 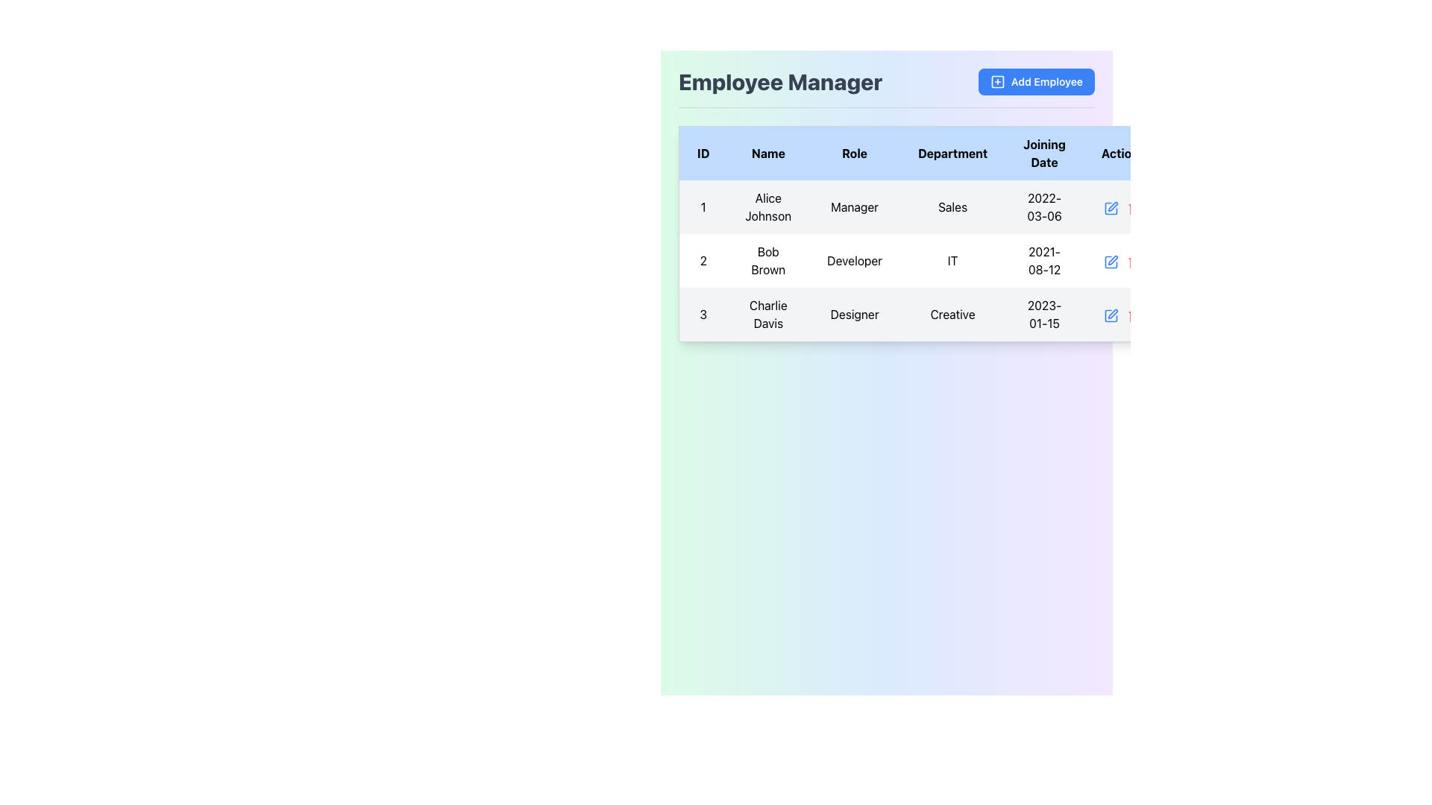 I want to click on the blue pen icon button in the Actions column, first row, adjacent to Alice Johnson, so click(x=1111, y=208).